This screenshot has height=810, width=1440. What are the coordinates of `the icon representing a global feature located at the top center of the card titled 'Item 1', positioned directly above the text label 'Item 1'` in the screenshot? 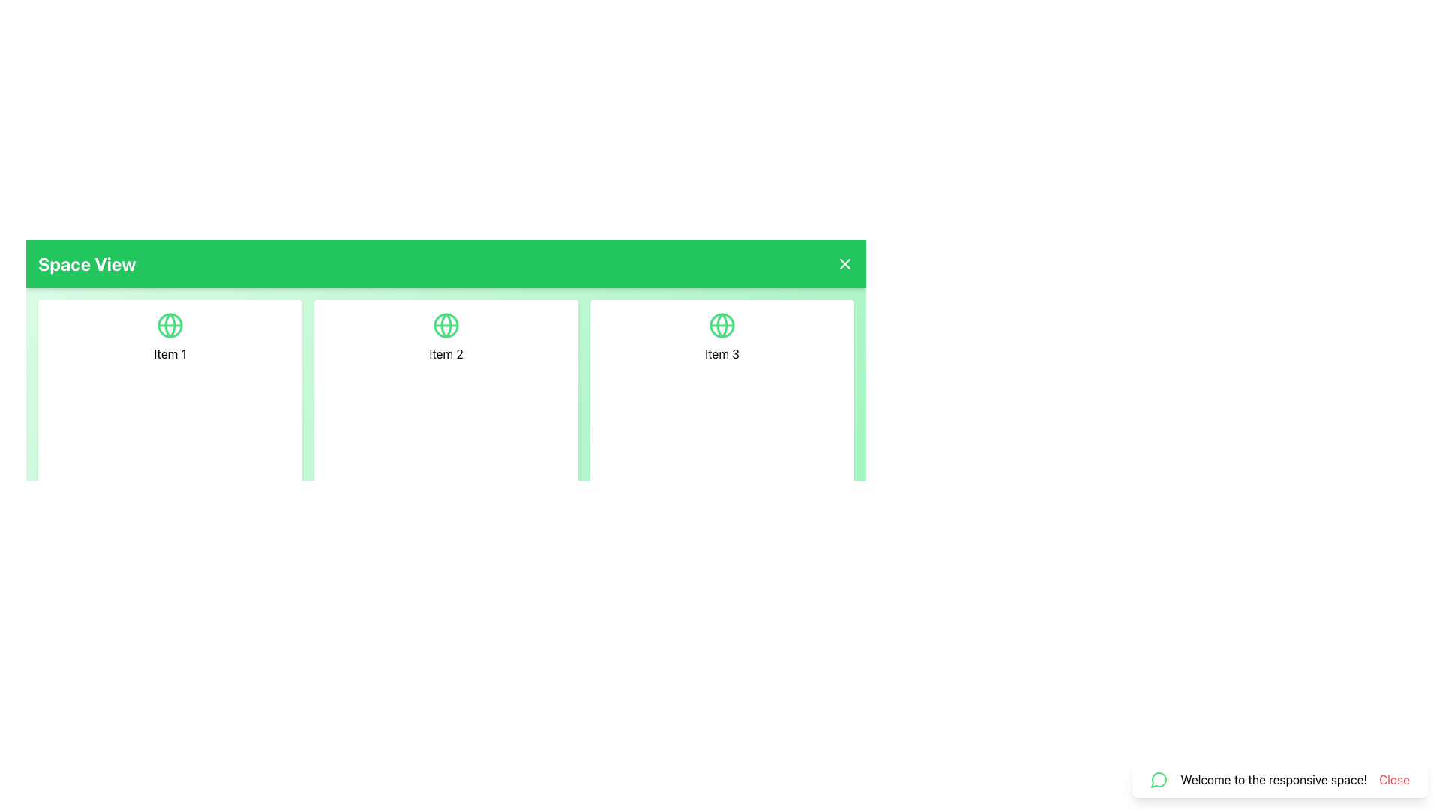 It's located at (169, 325).